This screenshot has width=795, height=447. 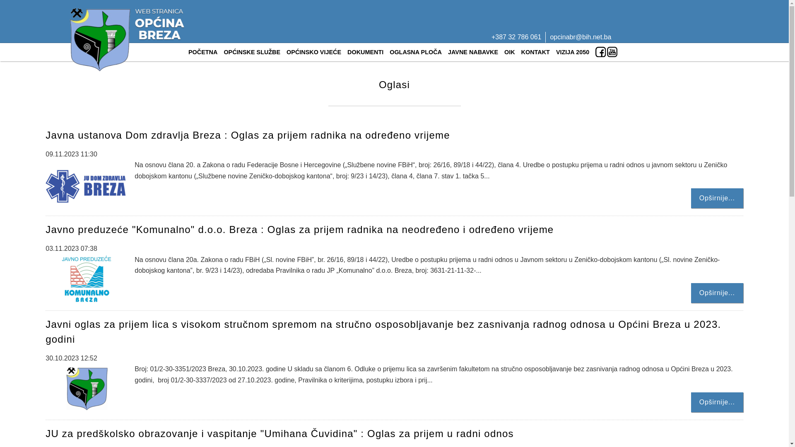 What do you see at coordinates (580, 36) in the screenshot?
I see `'opcinabr@bih.net.ba'` at bounding box center [580, 36].